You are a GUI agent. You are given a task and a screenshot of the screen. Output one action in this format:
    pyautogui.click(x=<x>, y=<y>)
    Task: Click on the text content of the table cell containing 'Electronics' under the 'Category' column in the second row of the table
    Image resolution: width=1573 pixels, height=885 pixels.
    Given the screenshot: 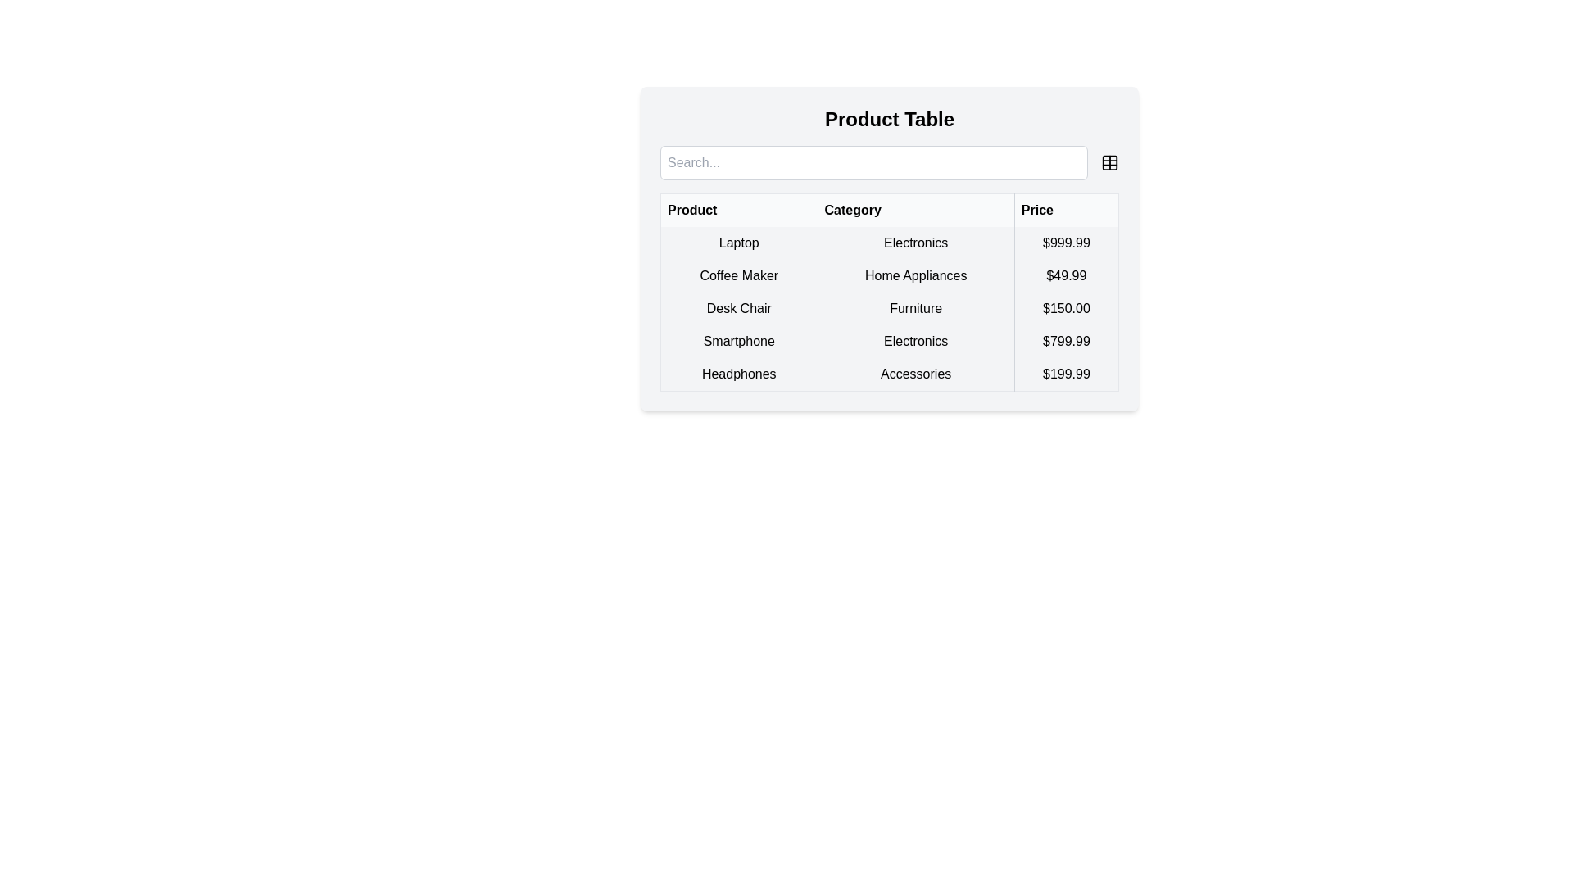 What is the action you would take?
    pyautogui.click(x=915, y=243)
    